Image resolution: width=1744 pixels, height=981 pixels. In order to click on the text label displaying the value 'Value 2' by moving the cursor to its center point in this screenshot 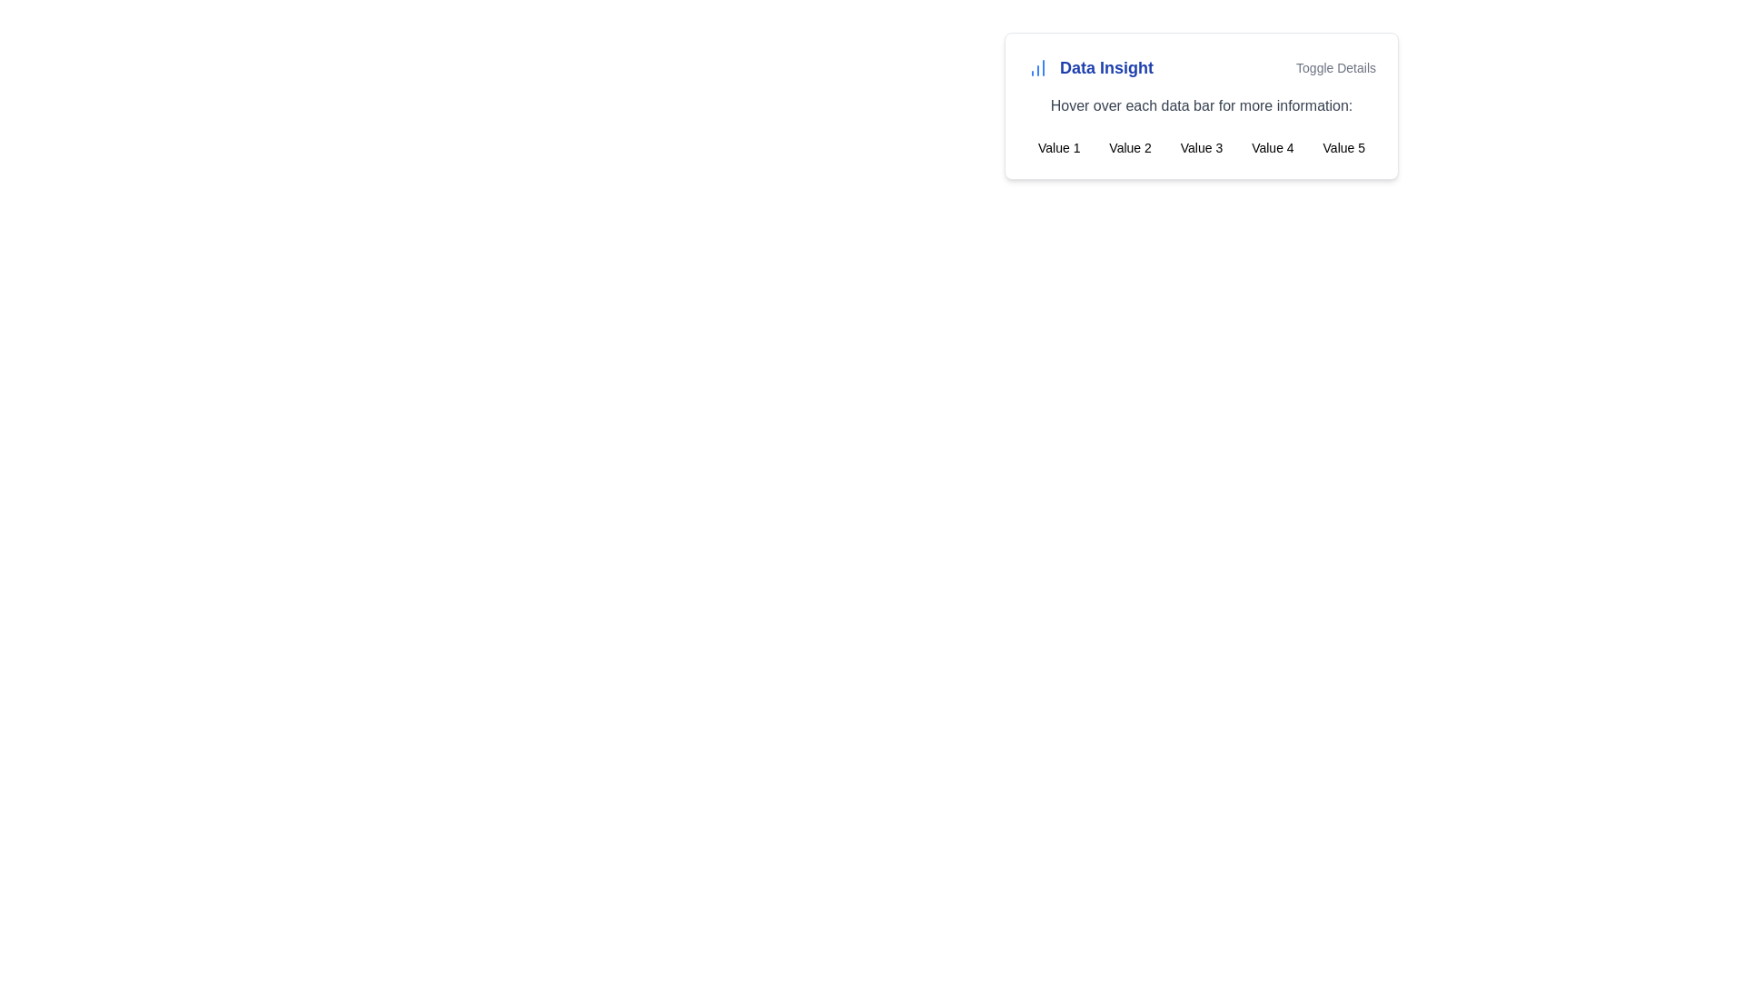, I will do `click(1129, 146)`.